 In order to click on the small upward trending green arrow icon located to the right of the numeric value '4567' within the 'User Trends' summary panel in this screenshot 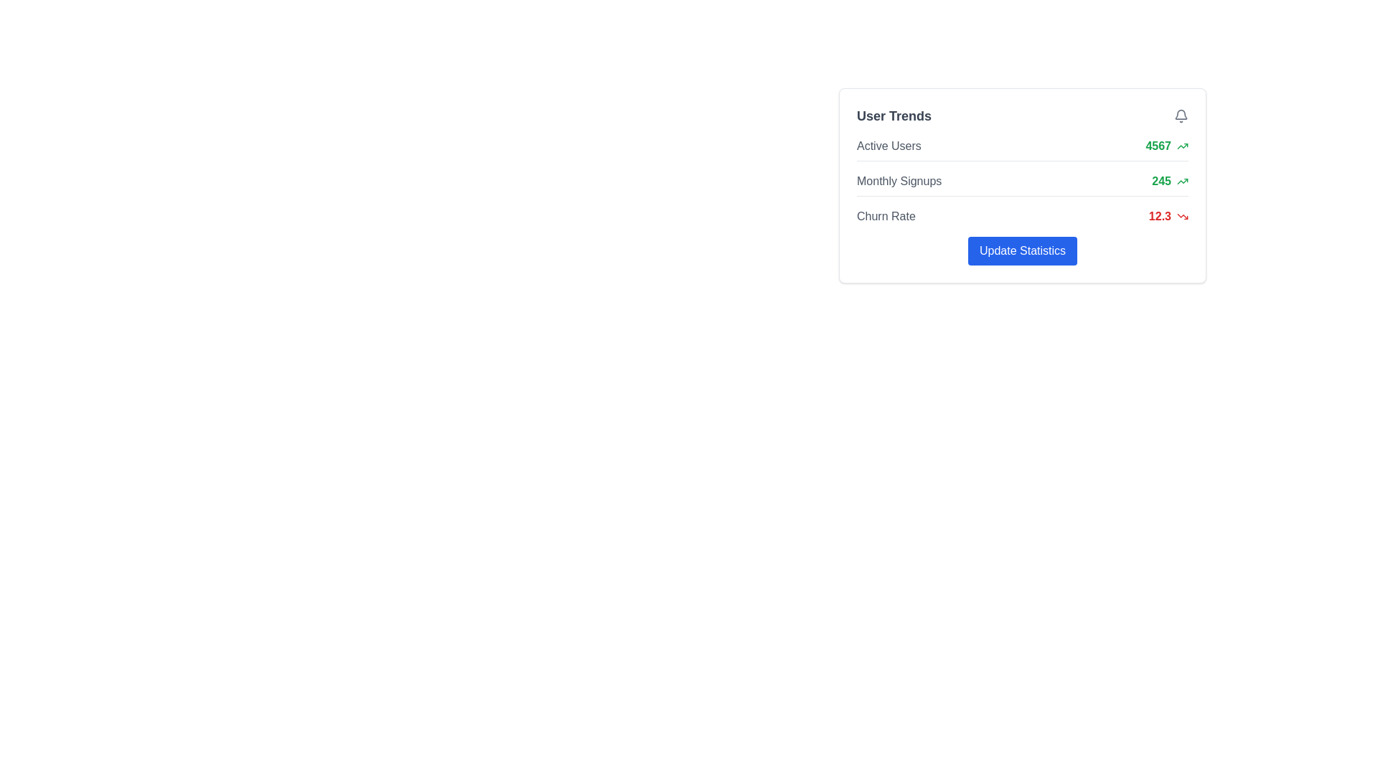, I will do `click(1182, 146)`.